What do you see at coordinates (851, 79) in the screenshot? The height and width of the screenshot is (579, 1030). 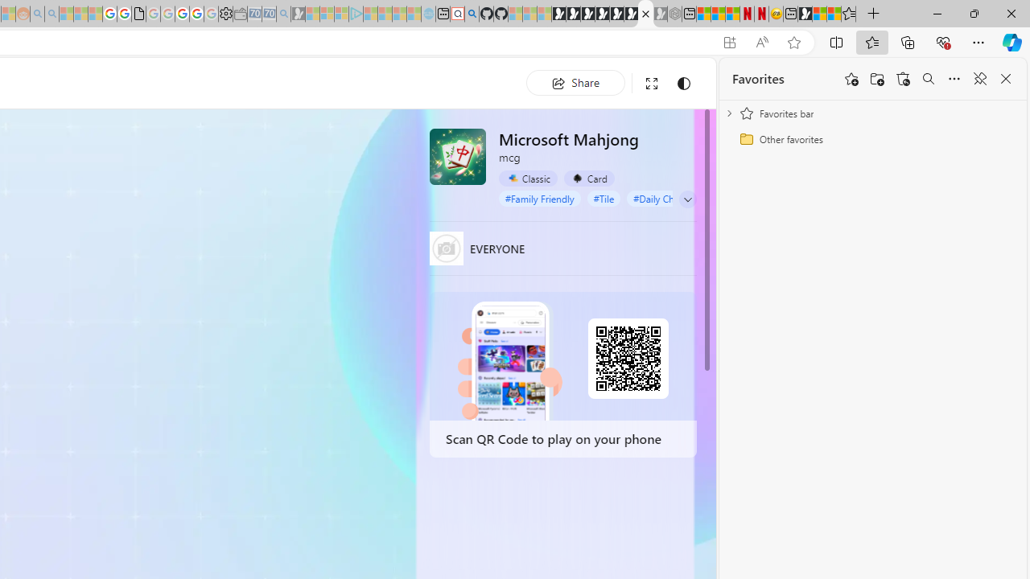 I see `'Add this page to favorites'` at bounding box center [851, 79].